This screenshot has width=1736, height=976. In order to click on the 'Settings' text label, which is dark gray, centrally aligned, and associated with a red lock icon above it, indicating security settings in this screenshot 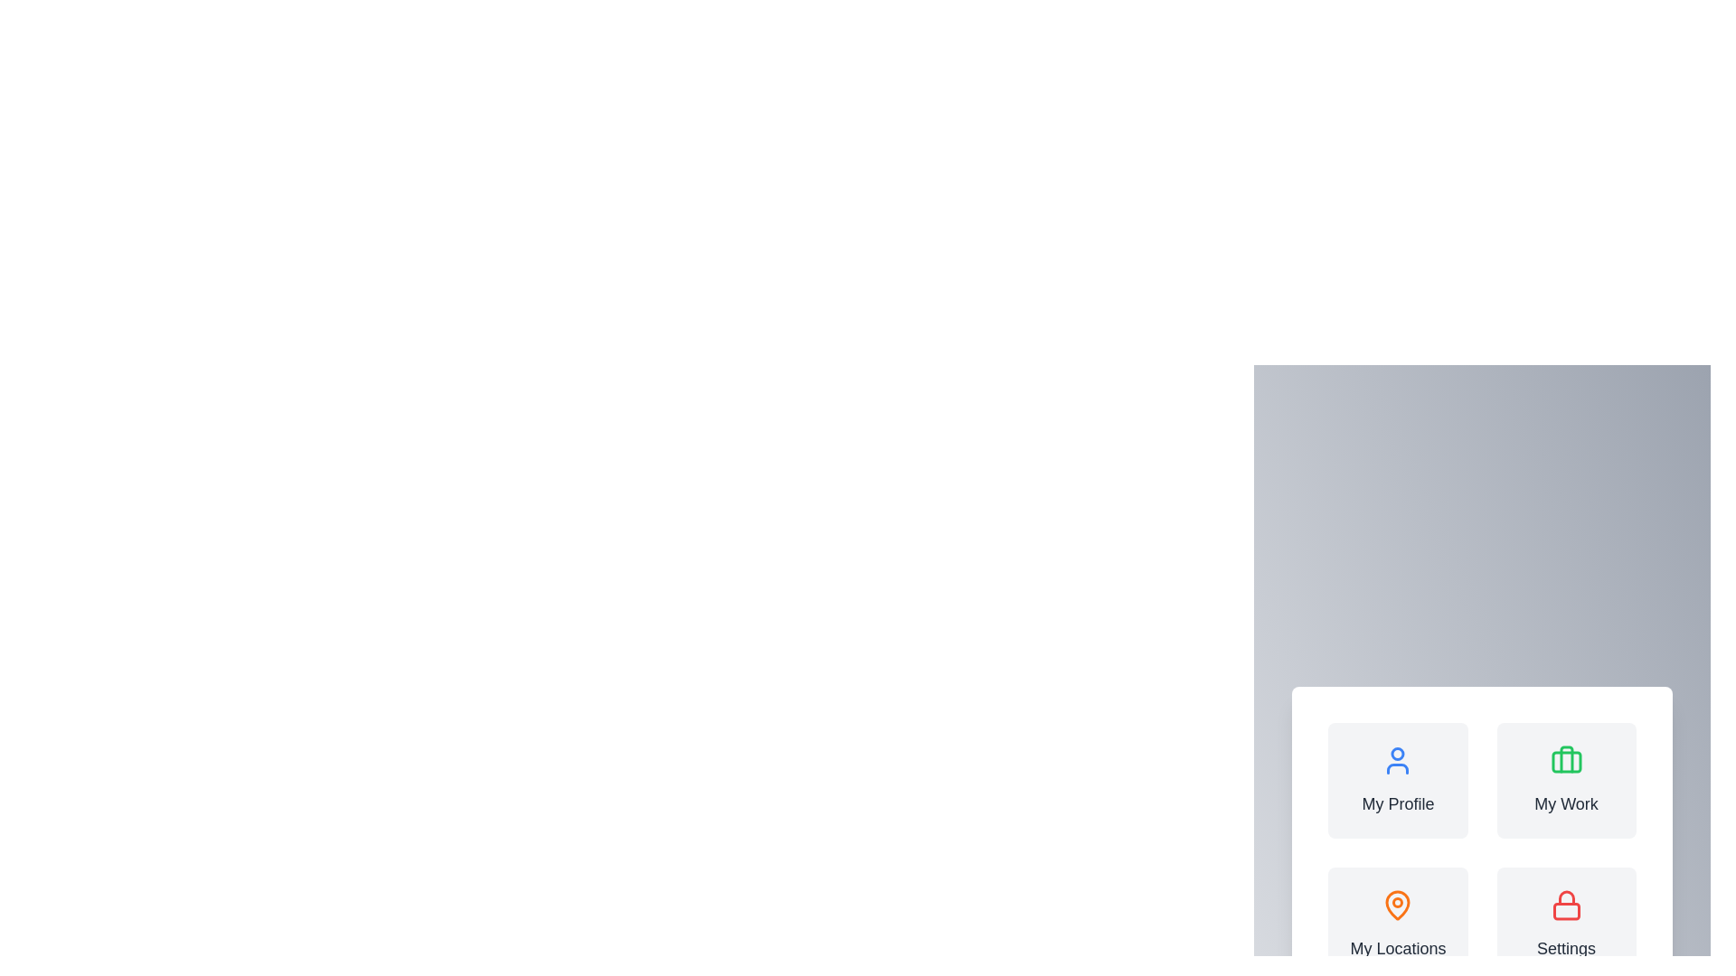, I will do `click(1565, 947)`.